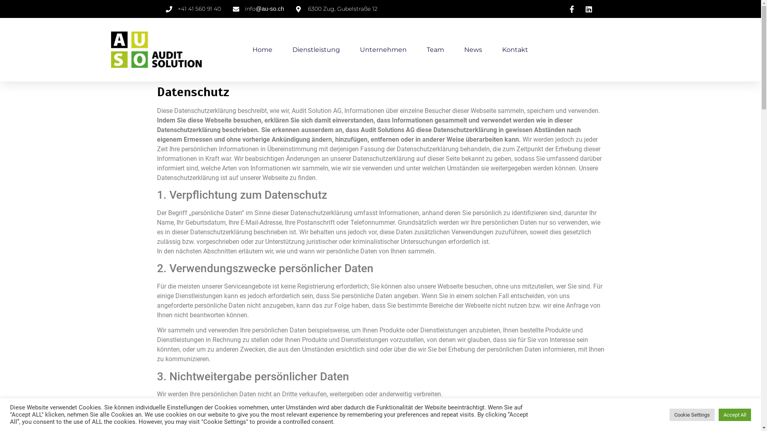 The image size is (767, 431). What do you see at coordinates (252, 49) in the screenshot?
I see `'Home'` at bounding box center [252, 49].